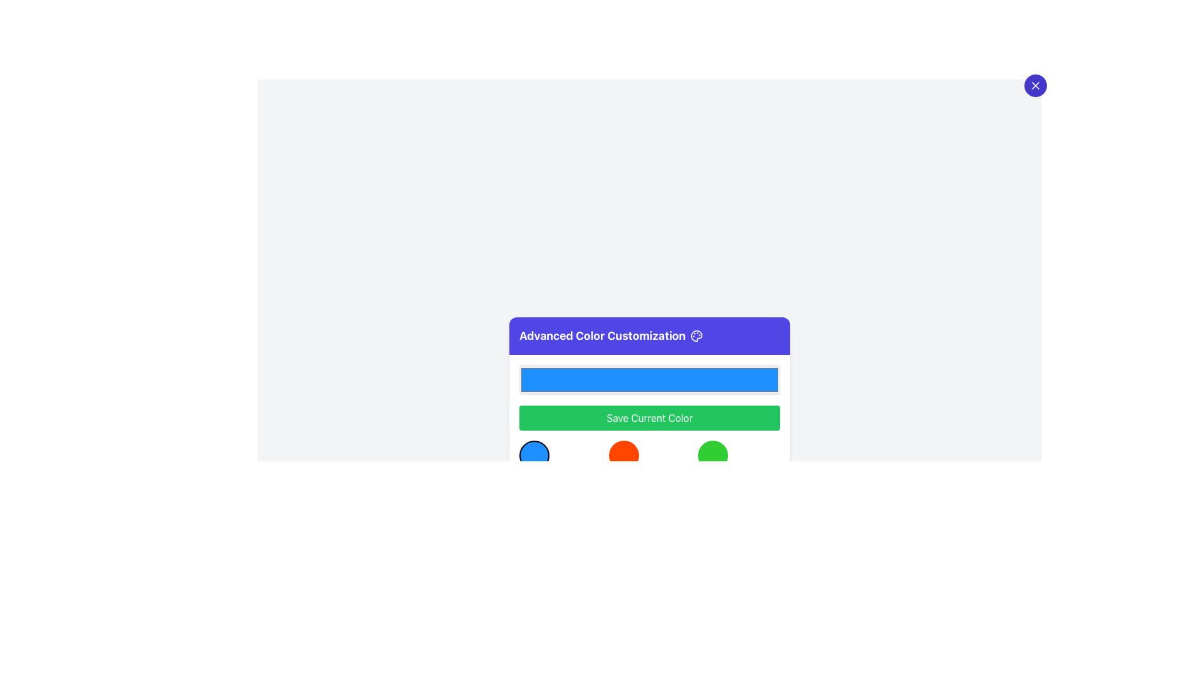 This screenshot has width=1203, height=676. I want to click on the 'Save Current Color' button, which is a green rectangular button with rounded corners, located in the 'Advanced Color Customization' section, so click(649, 417).